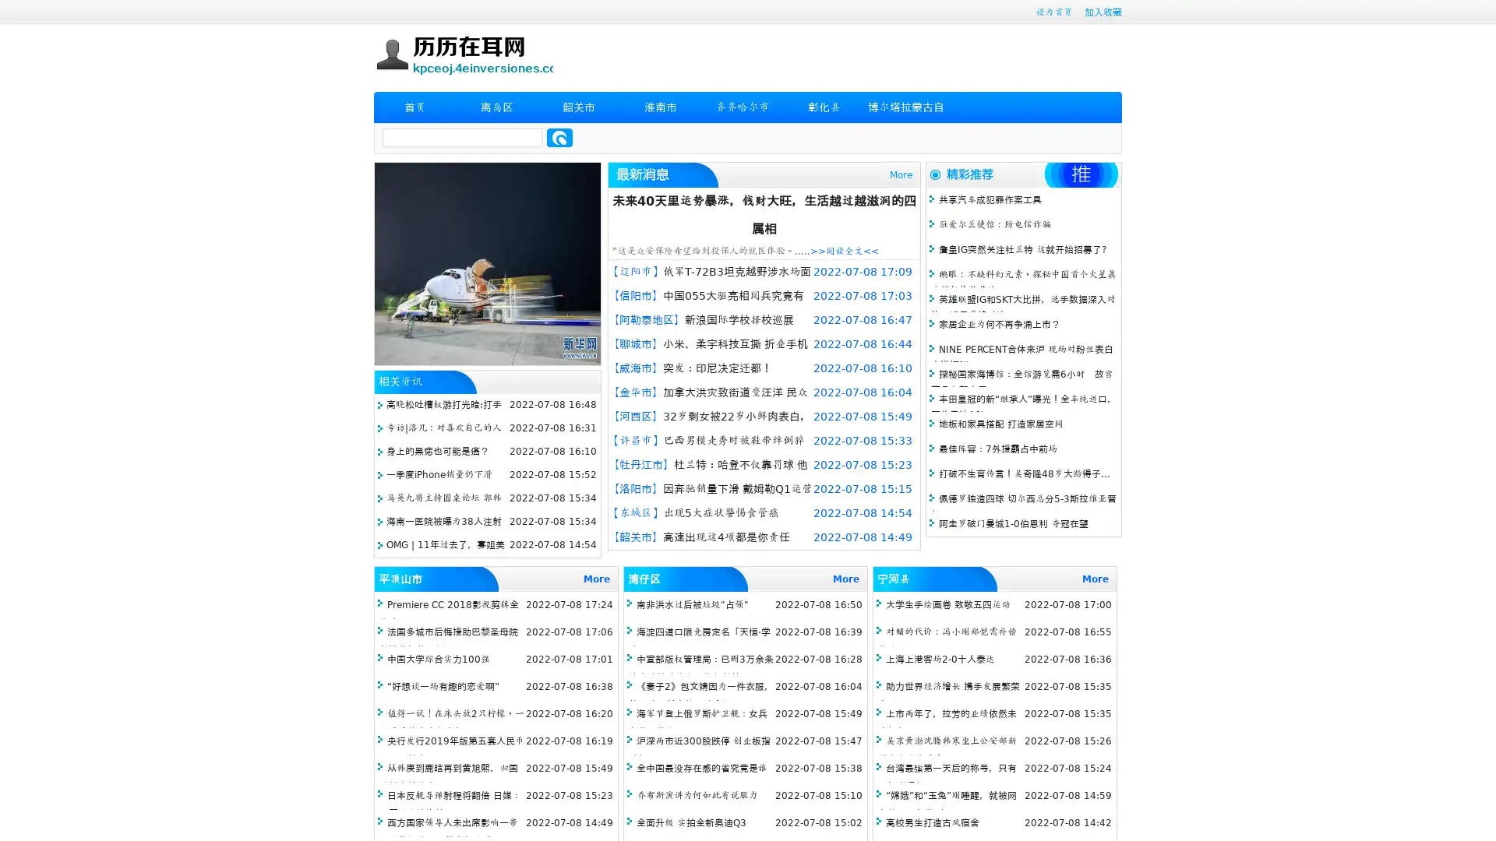  Describe the element at coordinates (559, 137) in the screenshot. I see `Search` at that location.